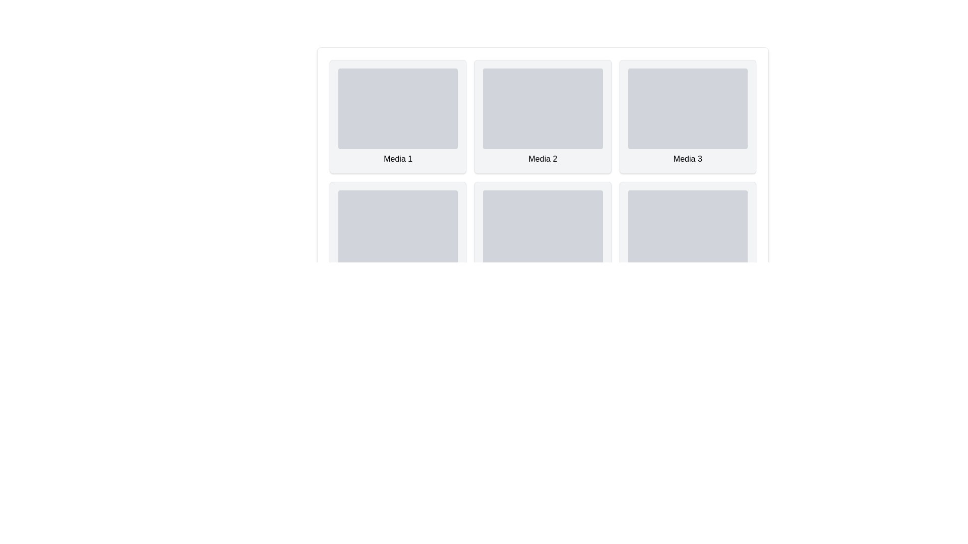 This screenshot has height=544, width=968. I want to click on text label displaying 'Media 3' located below the gray rectangular placeholder in the third card of a horizontal series, so click(687, 159).